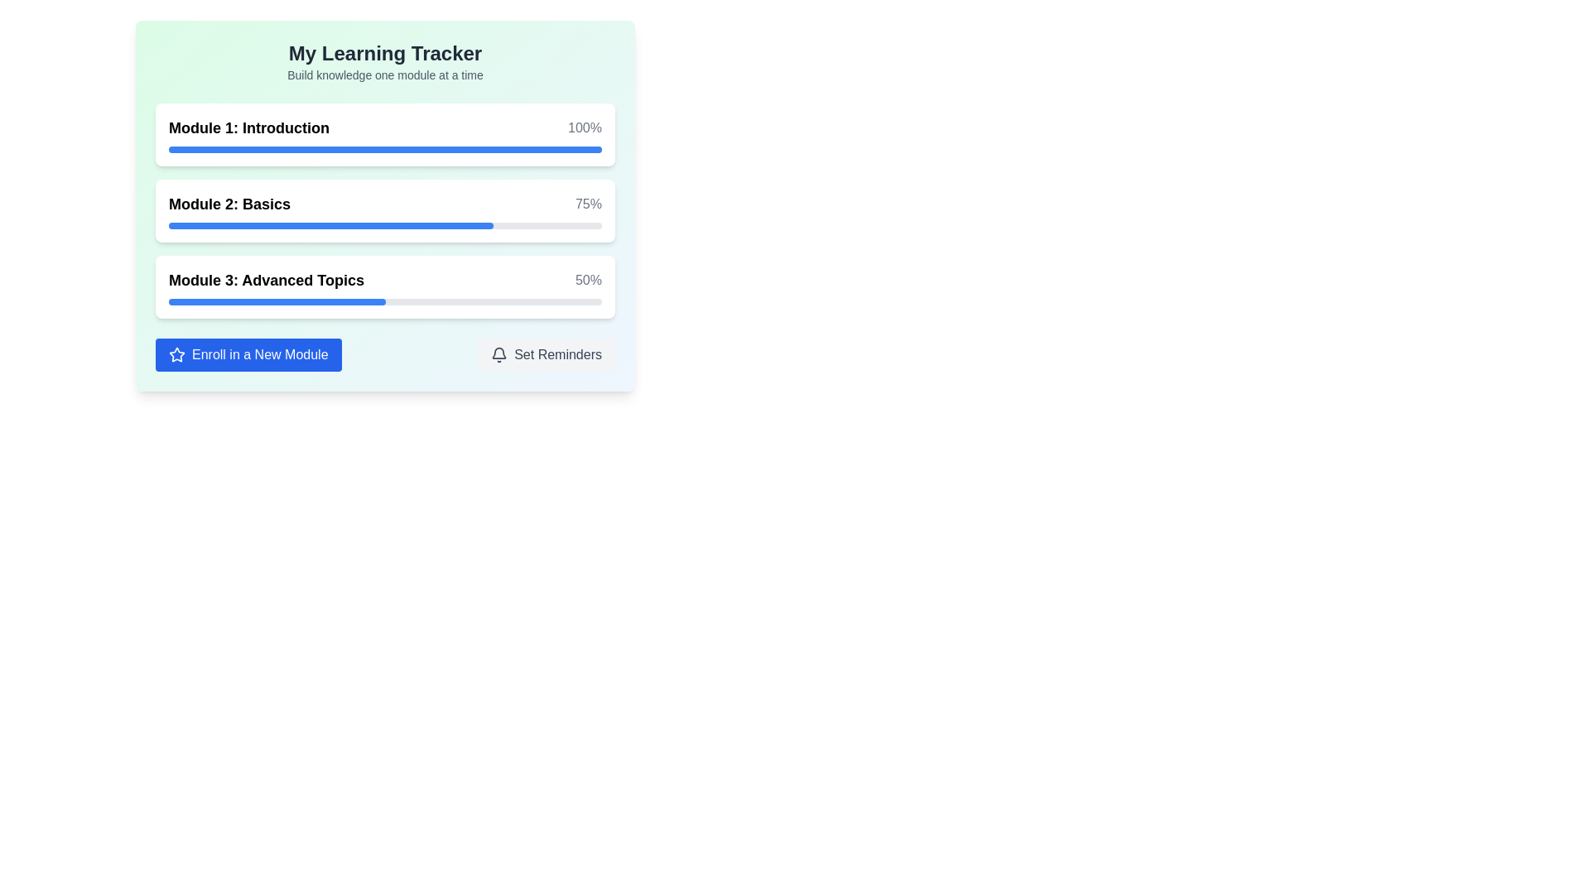 This screenshot has width=1590, height=894. Describe the element at coordinates (384, 209) in the screenshot. I see `data within the progress card representing 'Module 2: Basics' which displays the progress percentage and graphical representation` at that location.